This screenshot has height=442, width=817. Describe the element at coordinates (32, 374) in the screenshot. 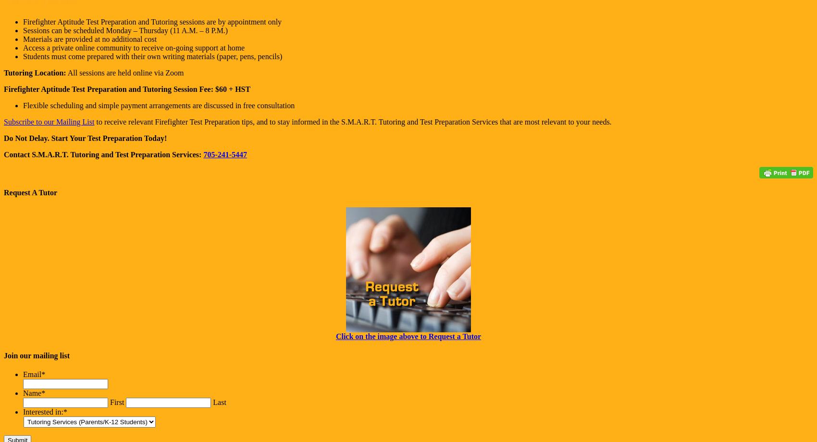

I see `'Email'` at that location.